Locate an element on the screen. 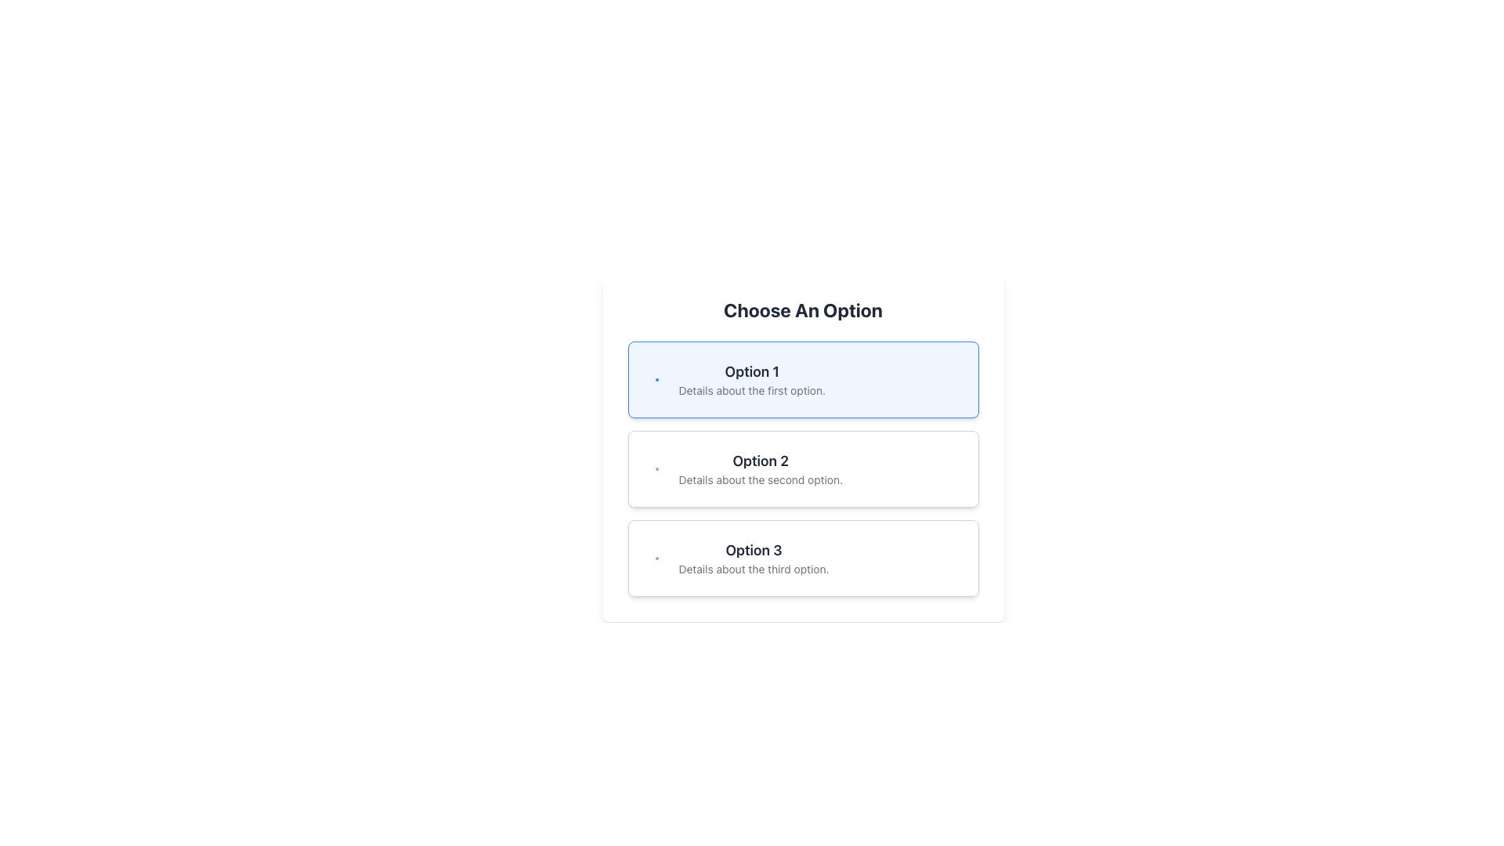 The height and width of the screenshot is (846, 1504). the small, circular gray icon located in the 'Option 3' selection box, positioned near the upper-left corner and aligned with the text 'Option 3' is located at coordinates (656, 558).